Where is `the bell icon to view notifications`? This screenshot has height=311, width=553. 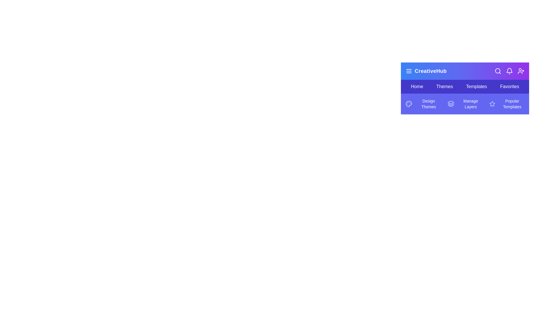 the bell icon to view notifications is located at coordinates (510, 71).